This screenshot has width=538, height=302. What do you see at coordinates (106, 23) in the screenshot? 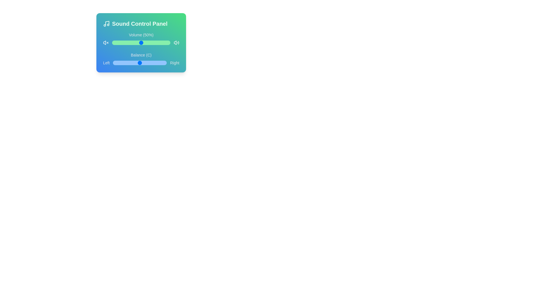
I see `the minimalist music note icon located to the left of the 'Sound Control Panel' text in the top section of the interface` at bounding box center [106, 23].